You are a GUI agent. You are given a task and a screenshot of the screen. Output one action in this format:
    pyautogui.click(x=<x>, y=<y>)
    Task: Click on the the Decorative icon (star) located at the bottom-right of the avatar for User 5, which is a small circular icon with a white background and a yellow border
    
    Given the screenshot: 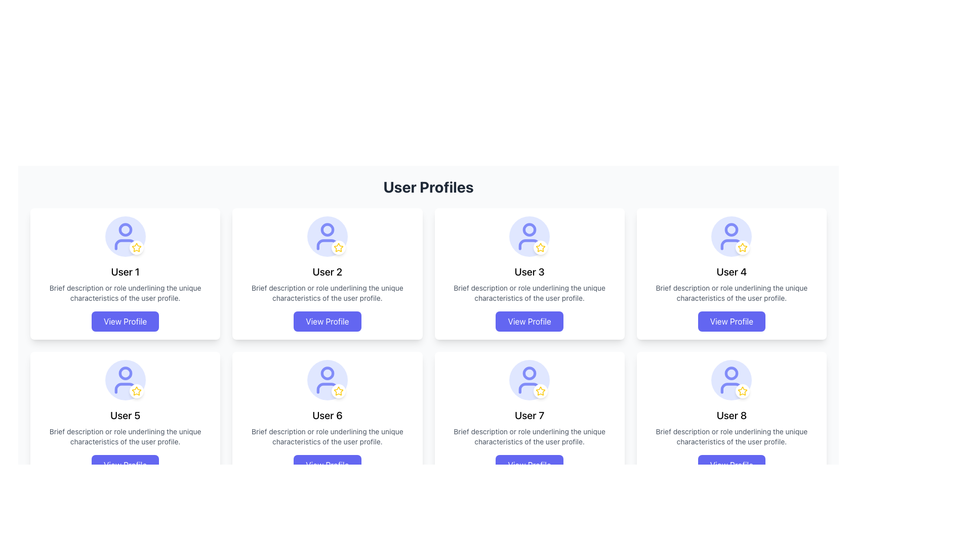 What is the action you would take?
    pyautogui.click(x=136, y=391)
    